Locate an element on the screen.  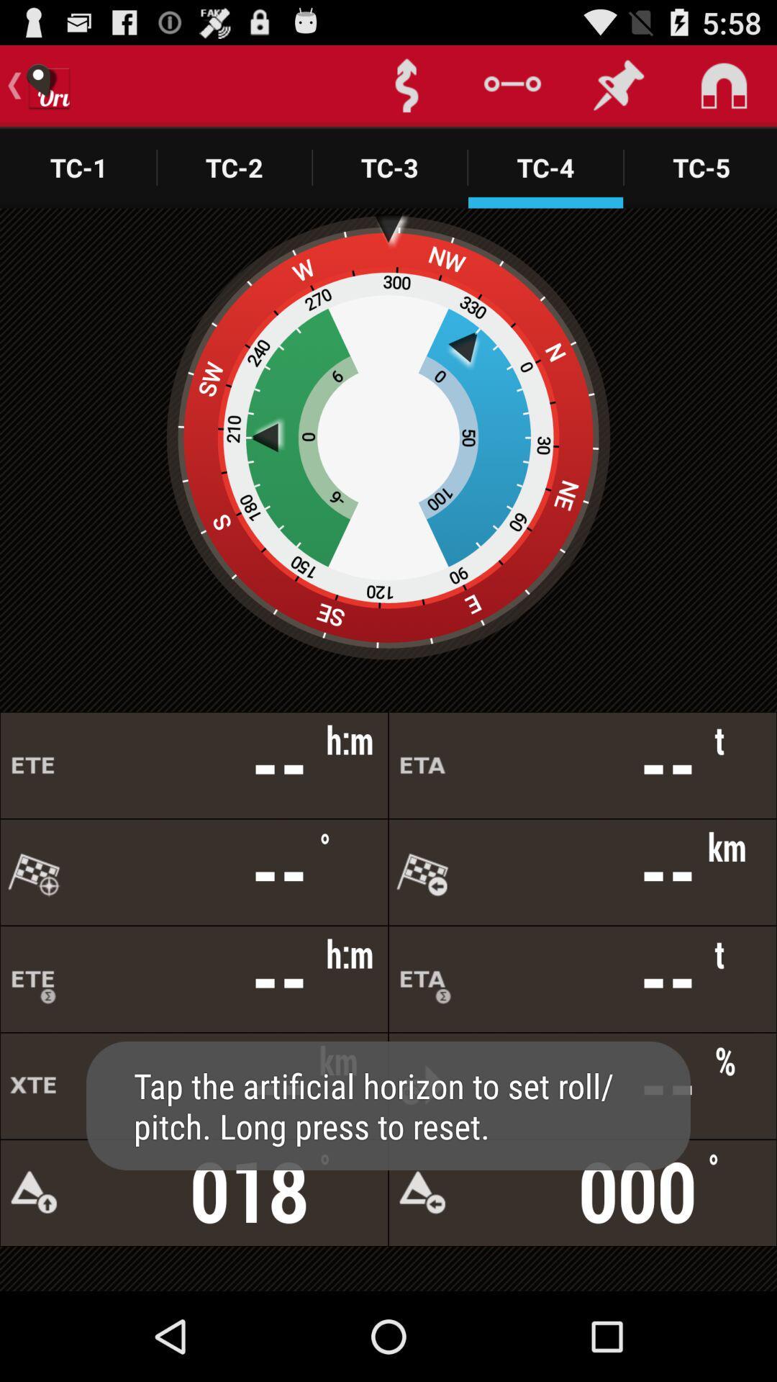
tc3 is located at coordinates (390, 168).